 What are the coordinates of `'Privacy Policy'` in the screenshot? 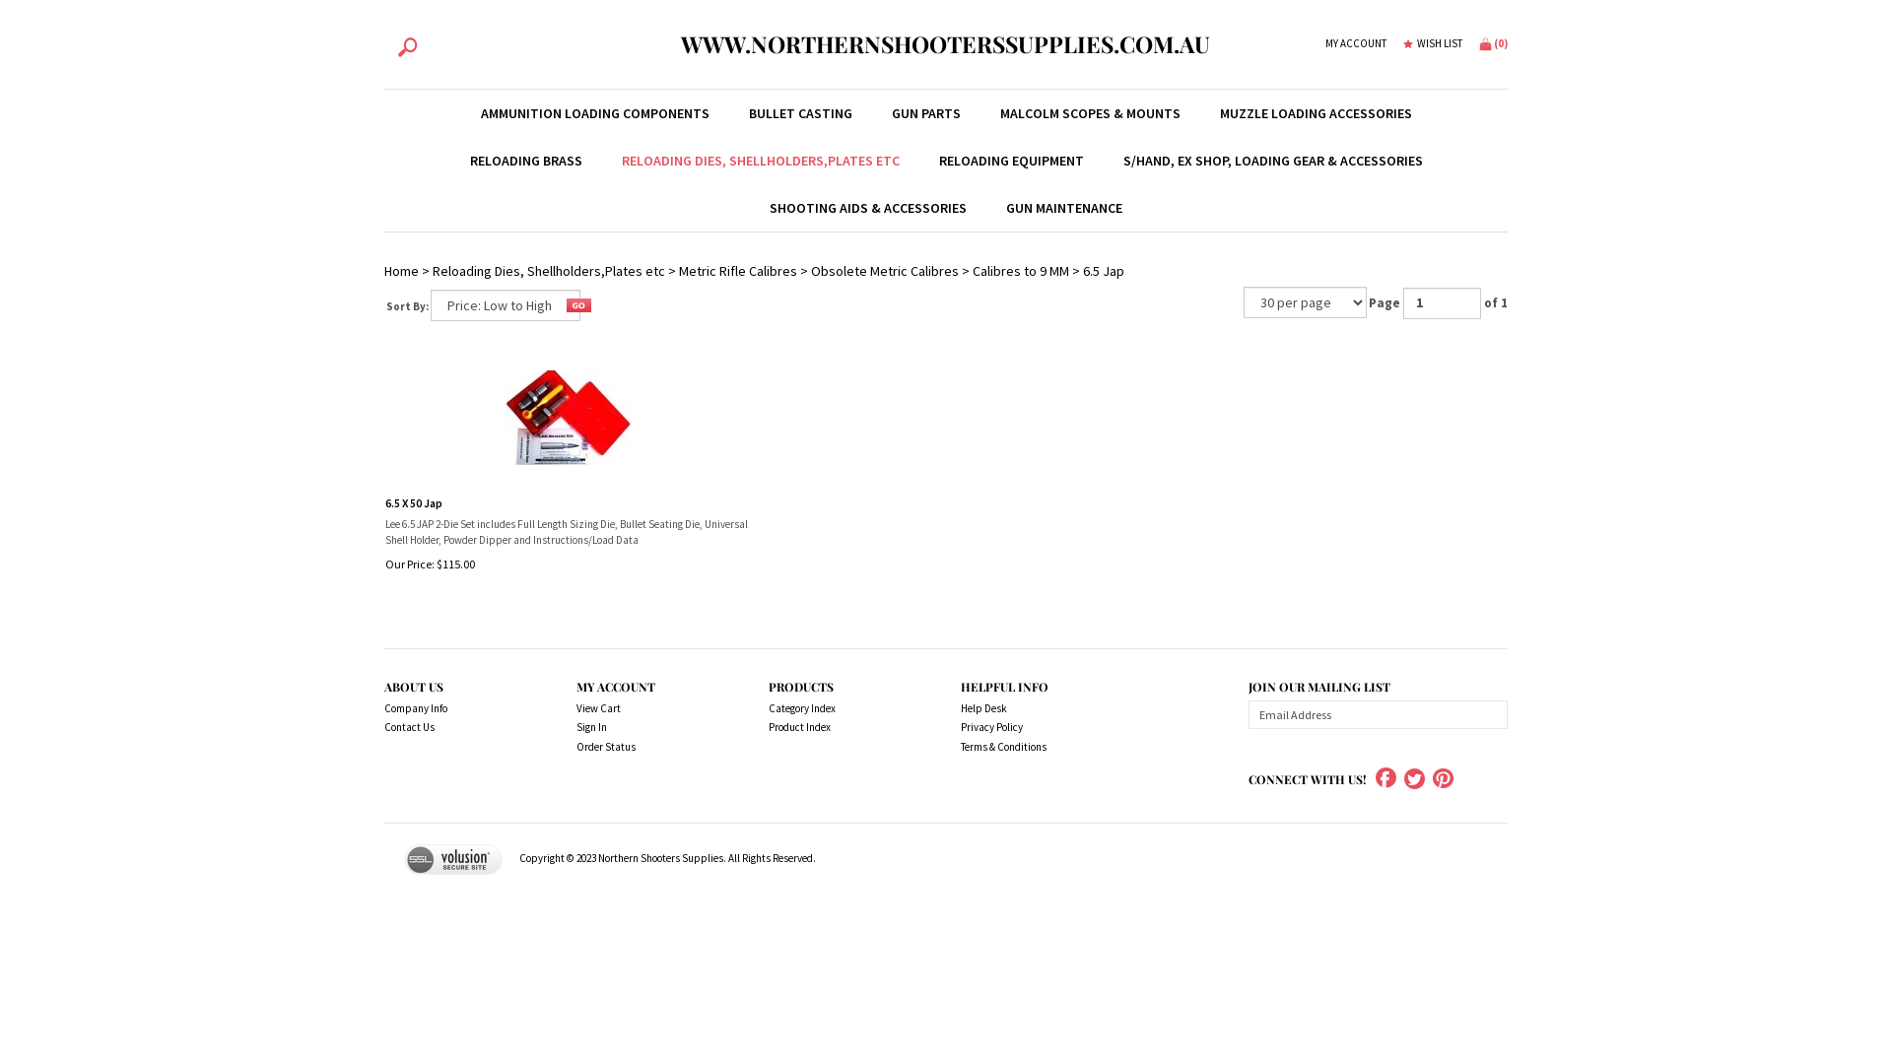 It's located at (1034, 728).